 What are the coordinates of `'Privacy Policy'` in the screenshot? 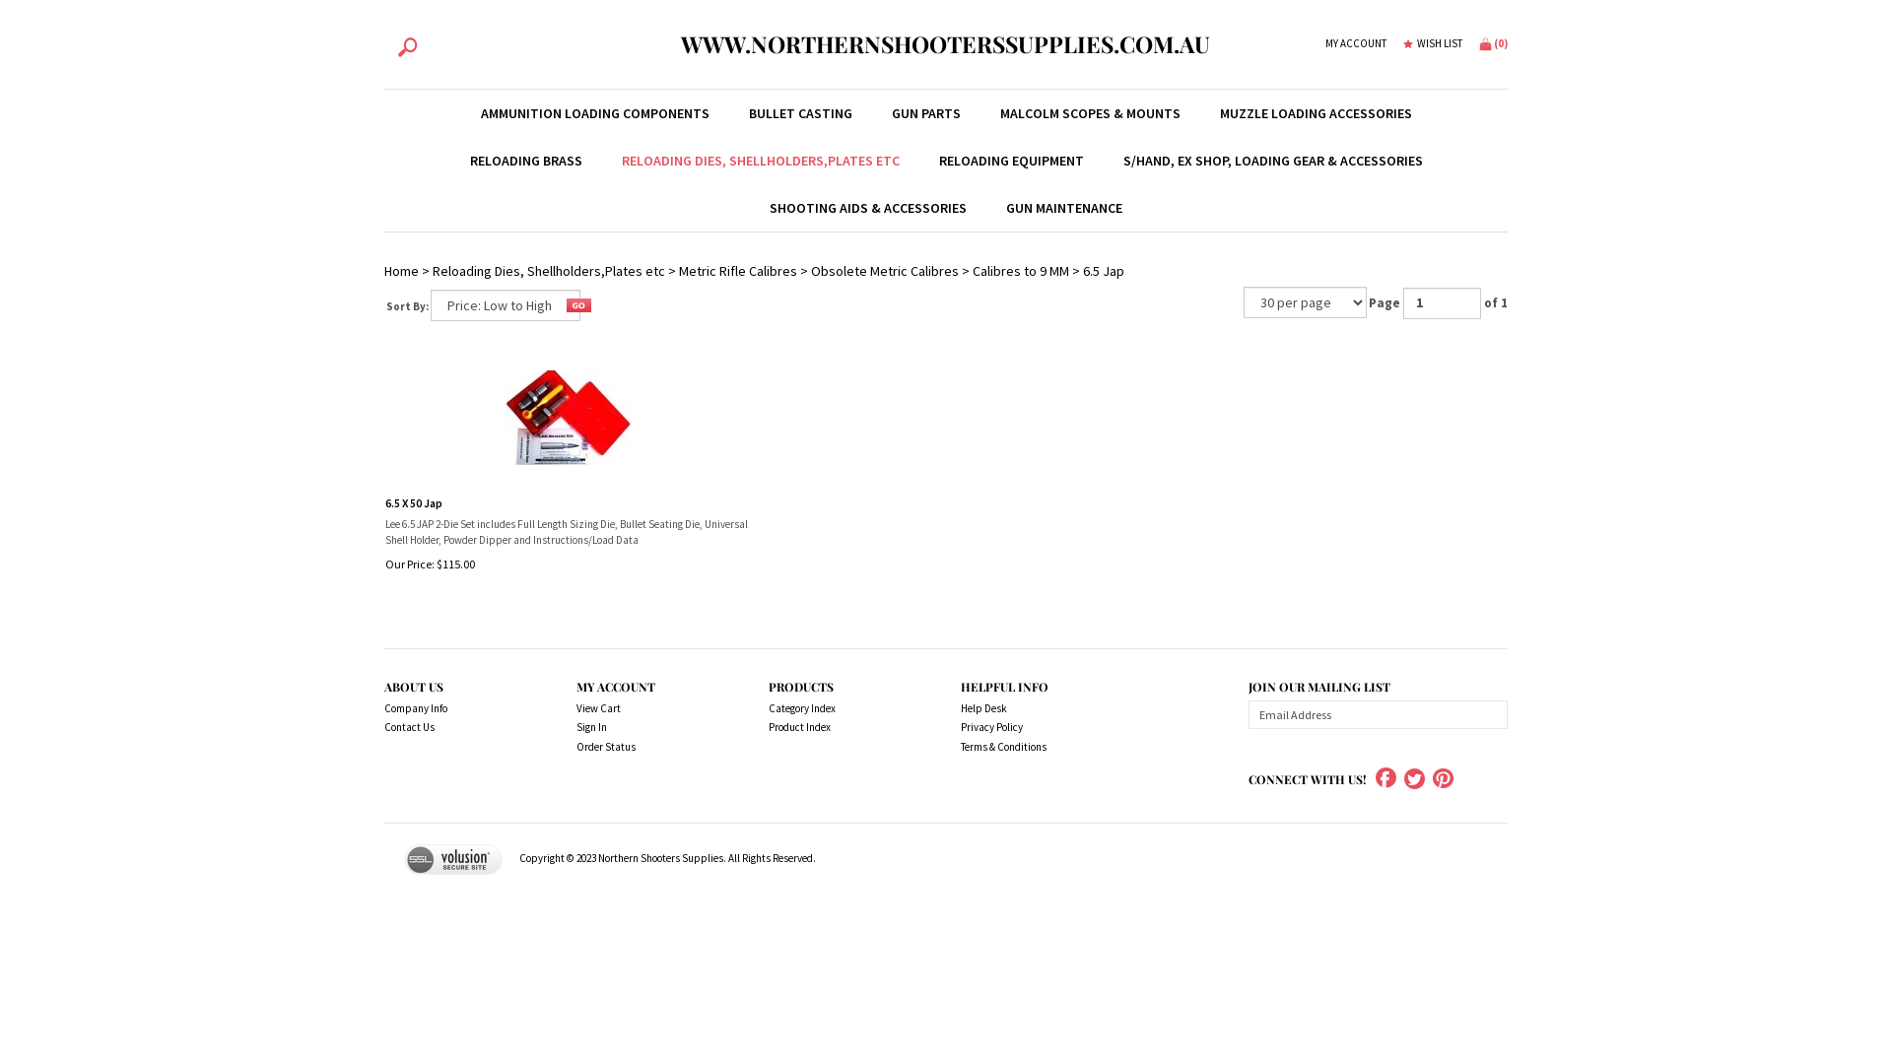 It's located at (1034, 728).